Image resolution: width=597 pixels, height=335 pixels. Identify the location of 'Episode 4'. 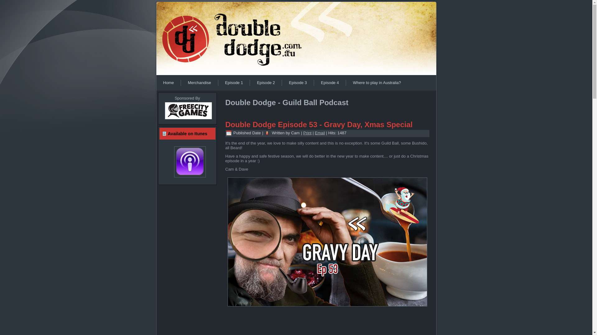
(329, 82).